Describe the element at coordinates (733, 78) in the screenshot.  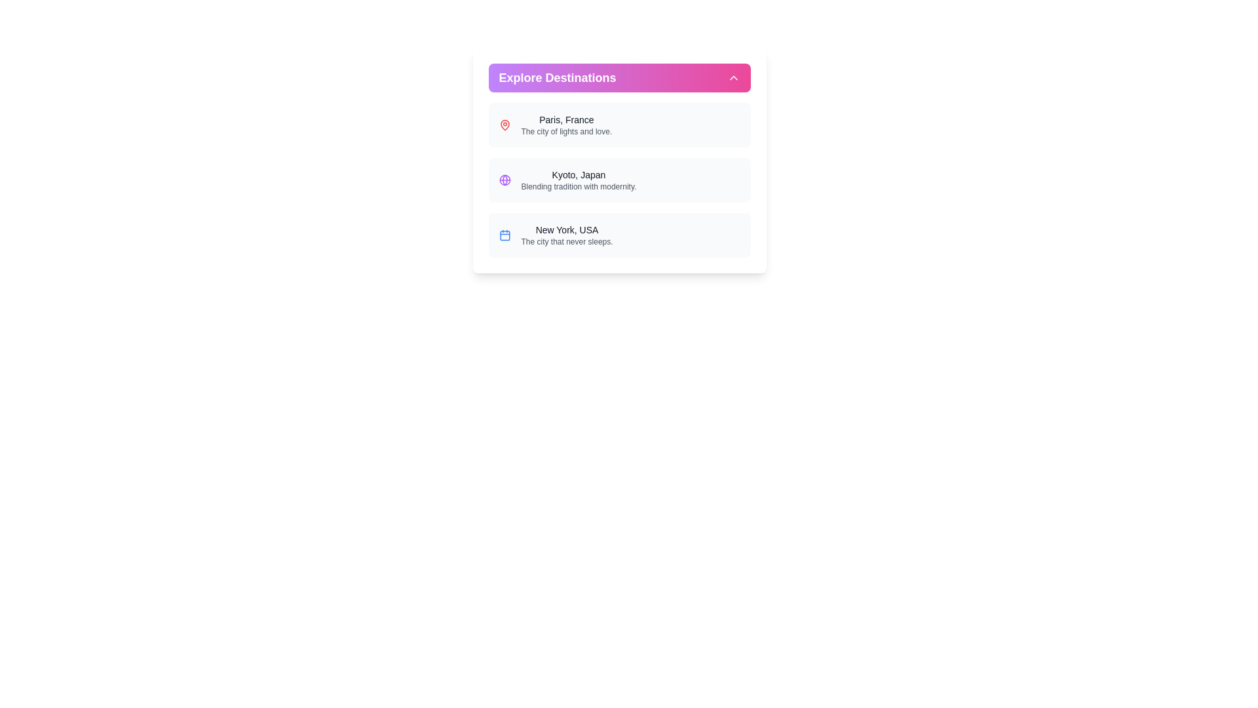
I see `the interactive upward-pointing chevron icon located in the top gradient banner titled 'Explore Destinations'` at that location.